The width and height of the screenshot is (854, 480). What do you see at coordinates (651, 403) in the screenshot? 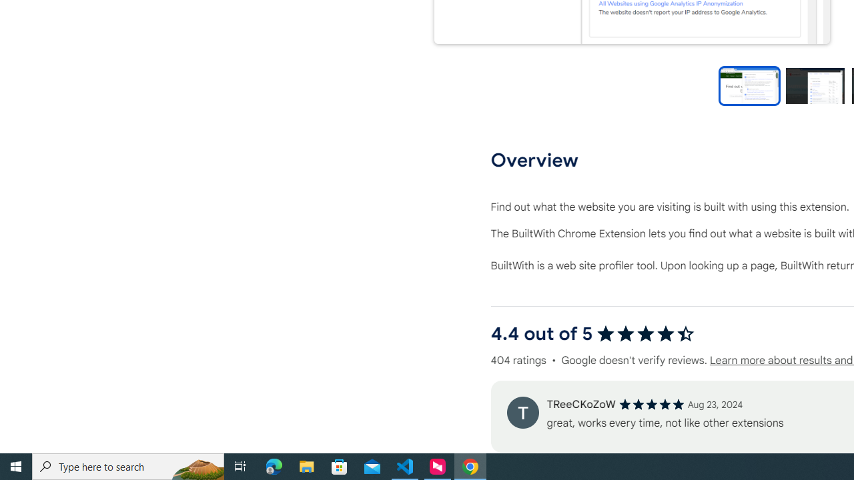
I see `'5 out of 5 stars'` at bounding box center [651, 403].